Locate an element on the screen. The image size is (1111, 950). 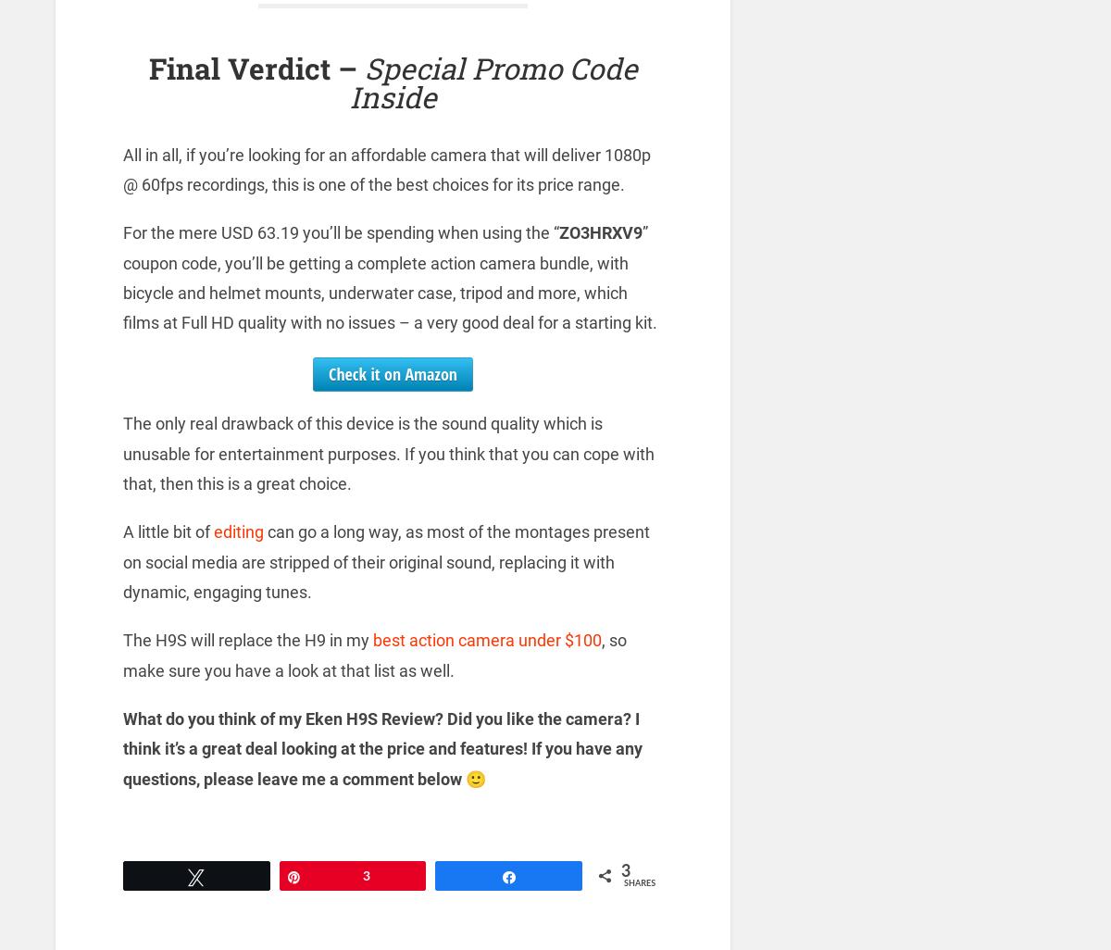
'For the mere USD 63.19 you’ll be spending when using the “' is located at coordinates (340, 232).